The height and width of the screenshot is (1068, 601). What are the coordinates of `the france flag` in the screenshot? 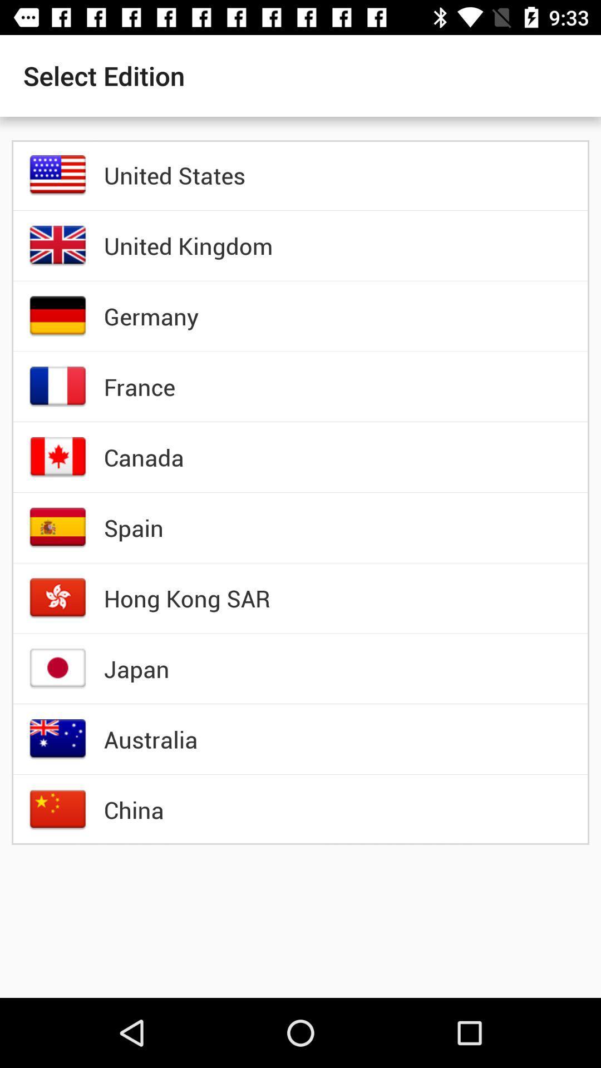 It's located at (58, 387).